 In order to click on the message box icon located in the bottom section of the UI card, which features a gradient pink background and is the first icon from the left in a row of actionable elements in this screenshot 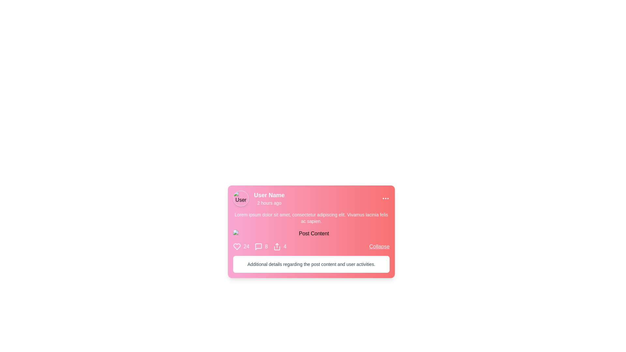, I will do `click(258, 246)`.